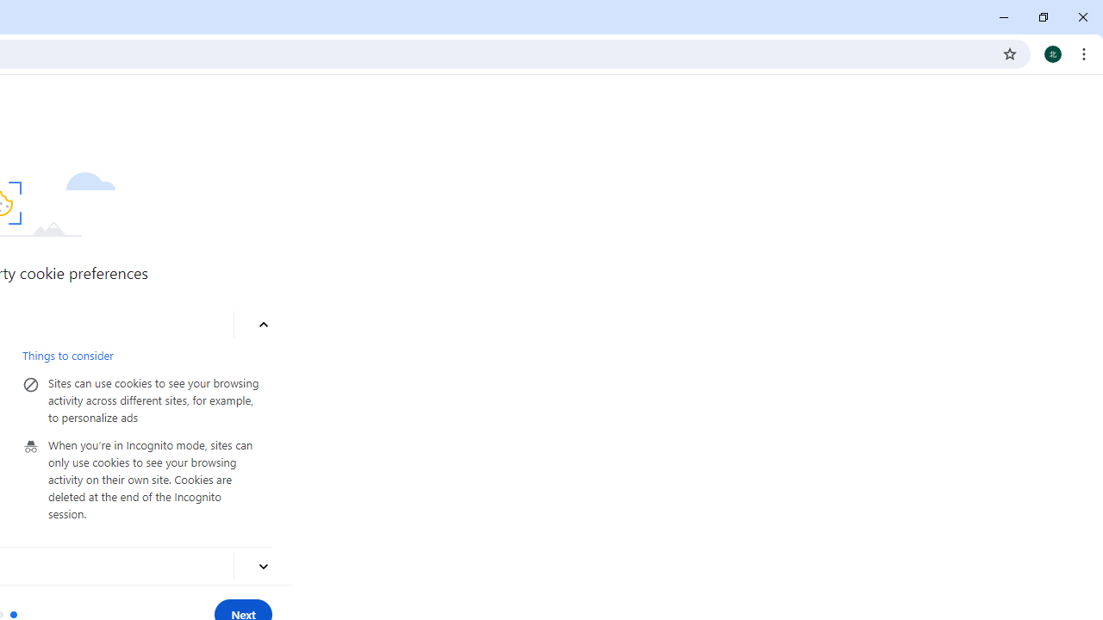  I want to click on 'More about blocking third-party cookies', so click(262, 567).